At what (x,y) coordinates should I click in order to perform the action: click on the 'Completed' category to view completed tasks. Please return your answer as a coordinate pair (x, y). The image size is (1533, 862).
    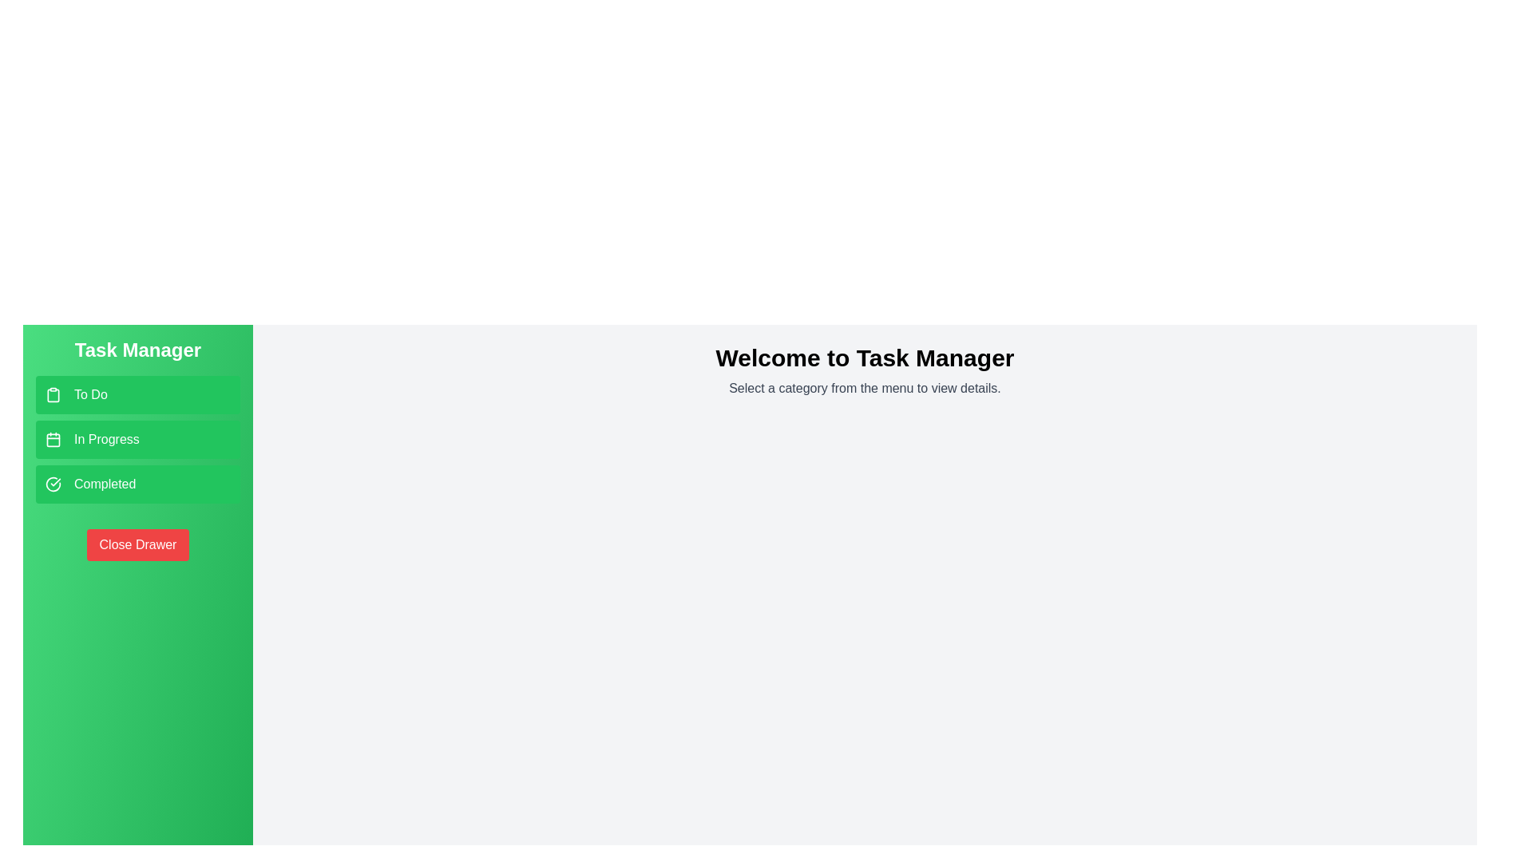
    Looking at the image, I should click on (137, 483).